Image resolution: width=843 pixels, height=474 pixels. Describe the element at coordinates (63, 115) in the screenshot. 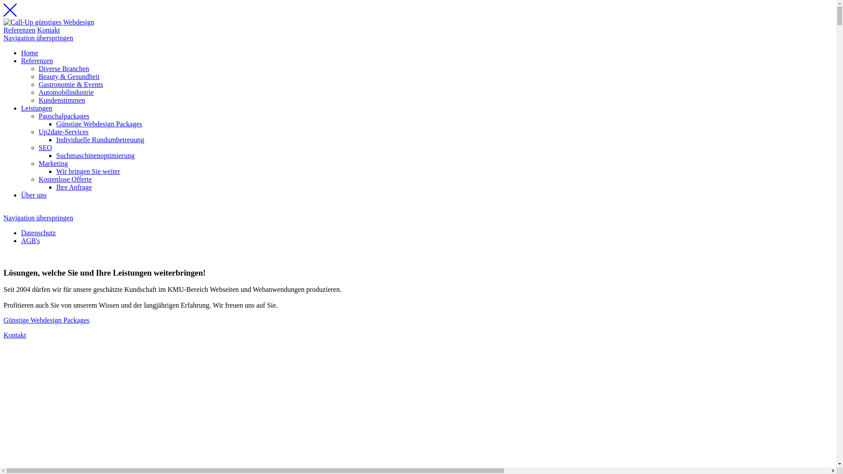

I see `'Pauschalpackages'` at that location.